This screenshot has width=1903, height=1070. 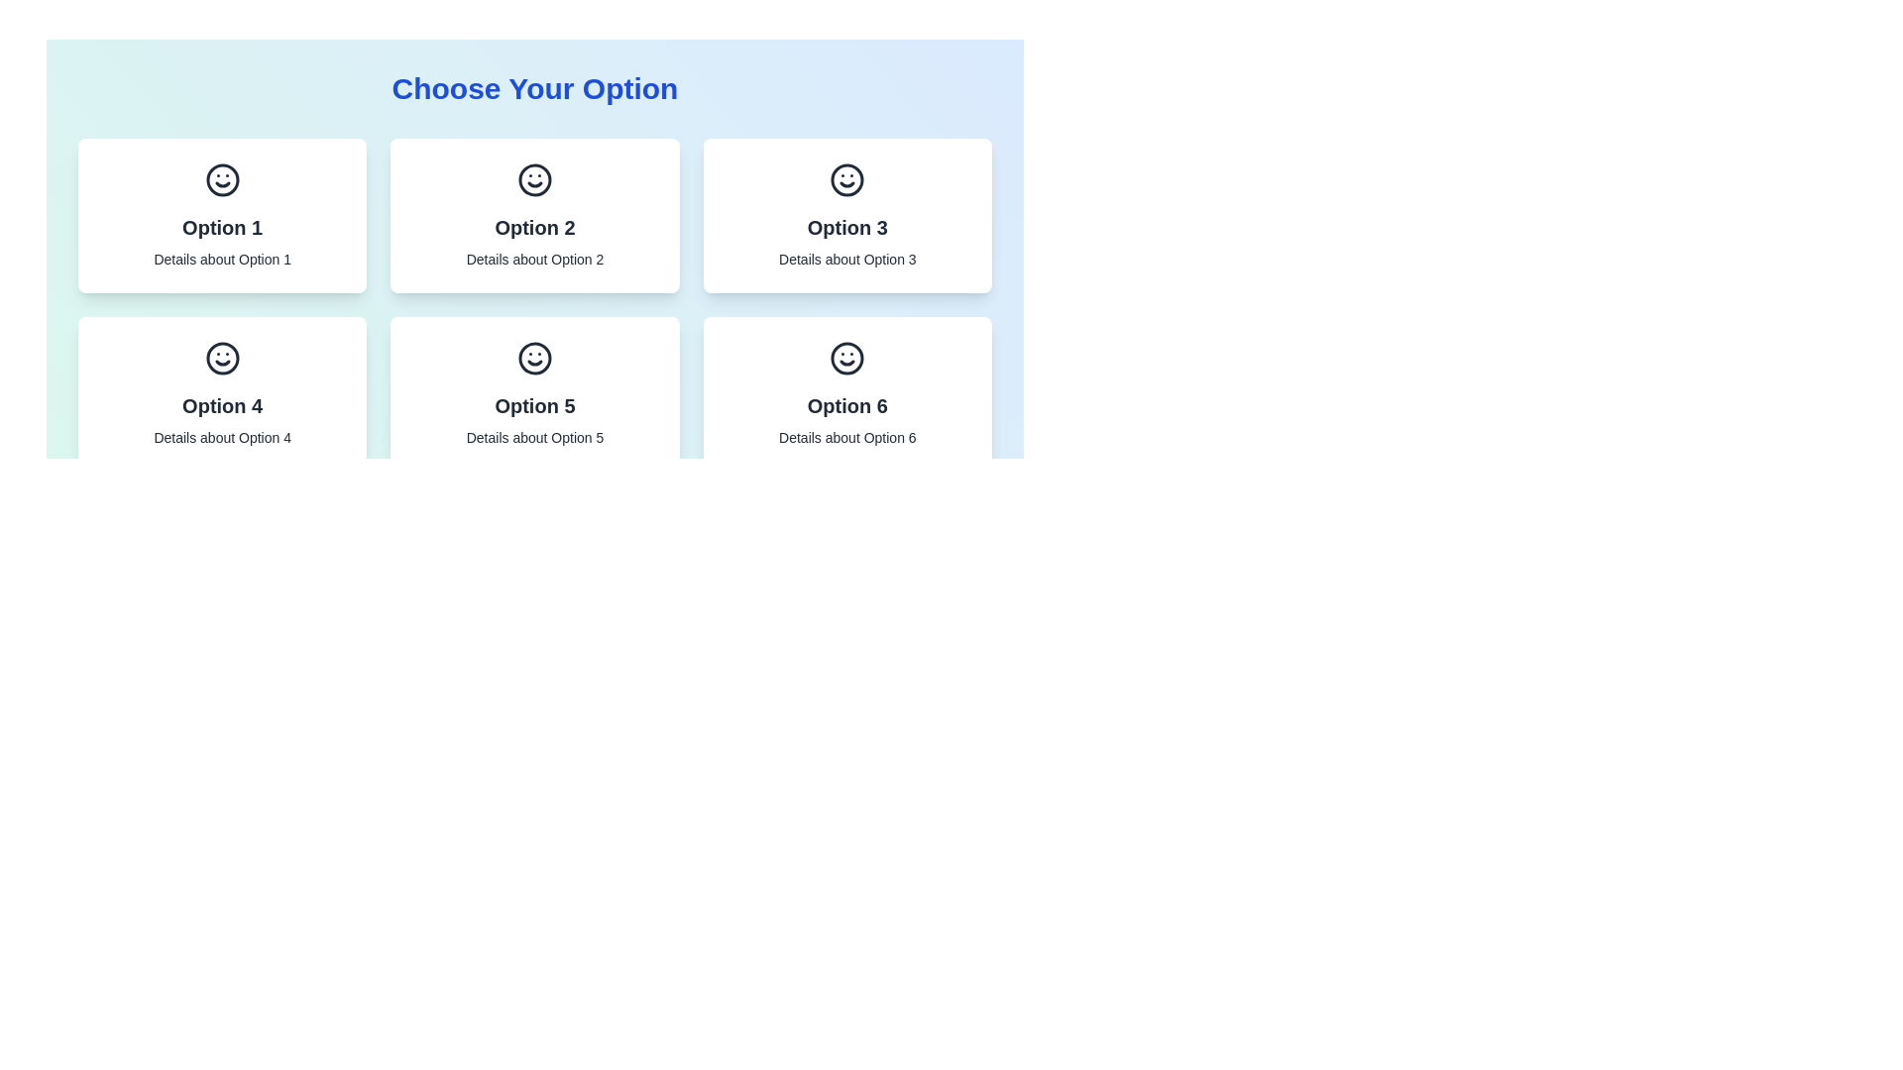 What do you see at coordinates (847, 216) in the screenshot?
I see `the selectable card for 'Option 3' located in the top-right corner of the first row in the grid` at bounding box center [847, 216].